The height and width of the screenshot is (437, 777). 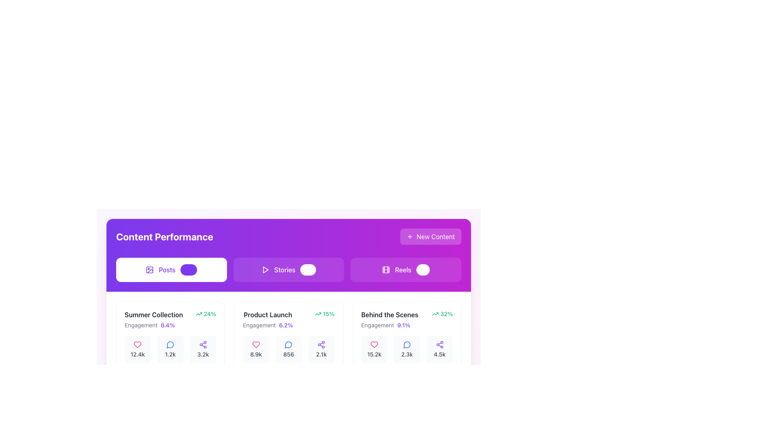 What do you see at coordinates (407, 349) in the screenshot?
I see `the informational display showing the number of comments associated with the 'Behind the Scenes' content category, located in the center column of the grid` at bounding box center [407, 349].